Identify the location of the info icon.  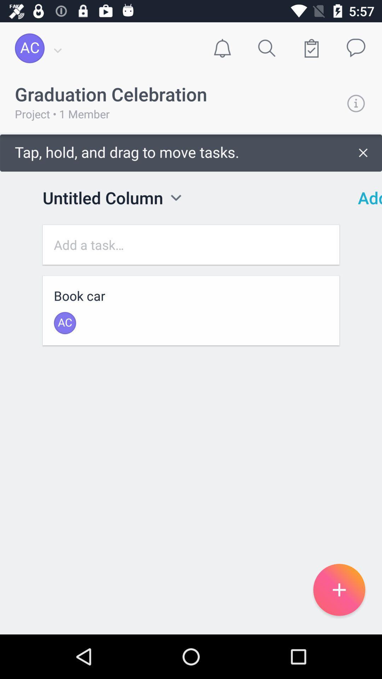
(356, 103).